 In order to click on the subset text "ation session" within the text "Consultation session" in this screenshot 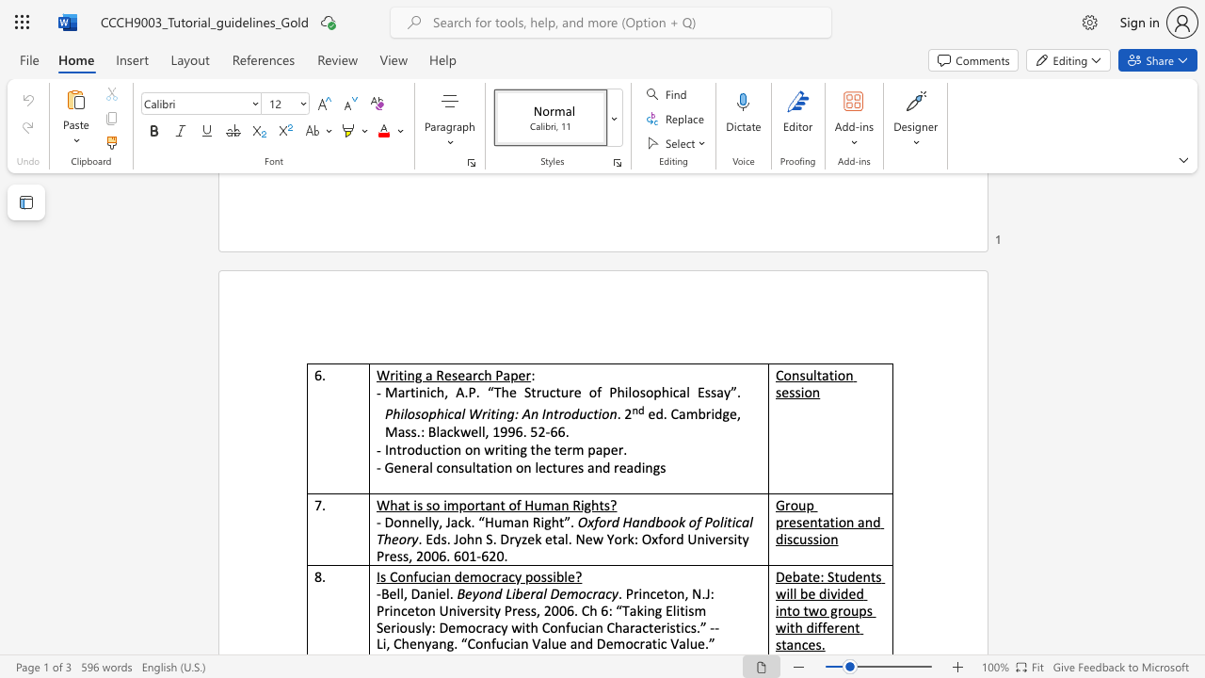, I will do `click(822, 375)`.